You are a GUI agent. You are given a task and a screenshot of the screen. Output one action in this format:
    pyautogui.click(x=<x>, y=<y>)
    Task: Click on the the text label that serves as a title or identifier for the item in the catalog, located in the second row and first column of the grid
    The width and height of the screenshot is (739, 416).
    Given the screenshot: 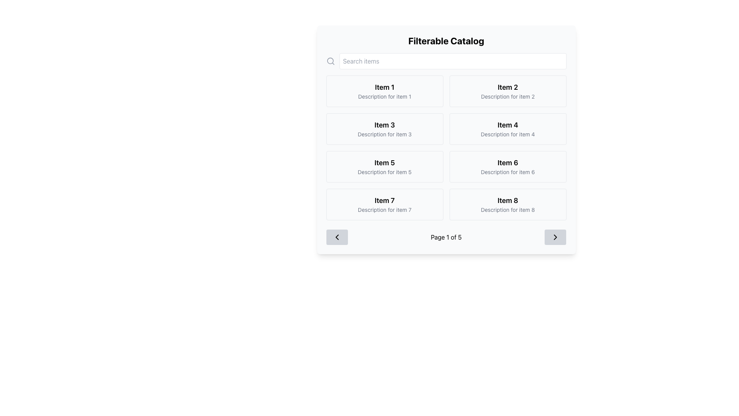 What is the action you would take?
    pyautogui.click(x=385, y=124)
    